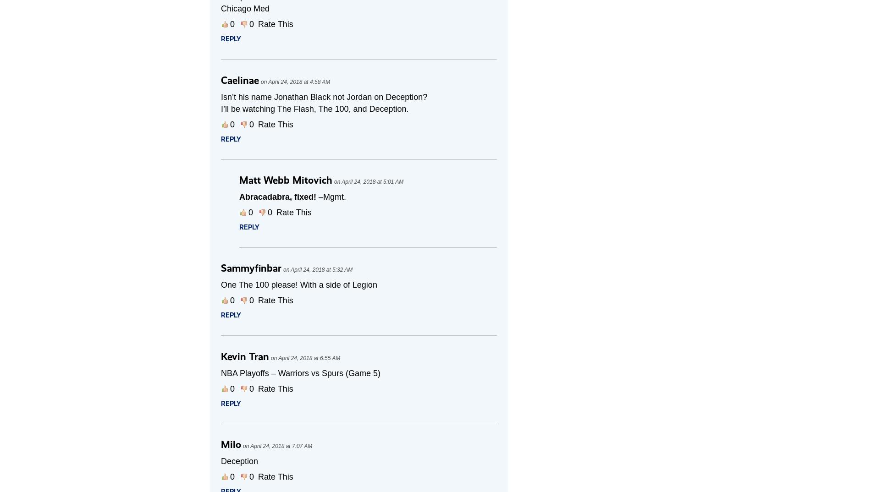 This screenshot has width=871, height=492. Describe the element at coordinates (268, 82) in the screenshot. I see `'April 24, 2018 at 4:58 AM'` at that location.